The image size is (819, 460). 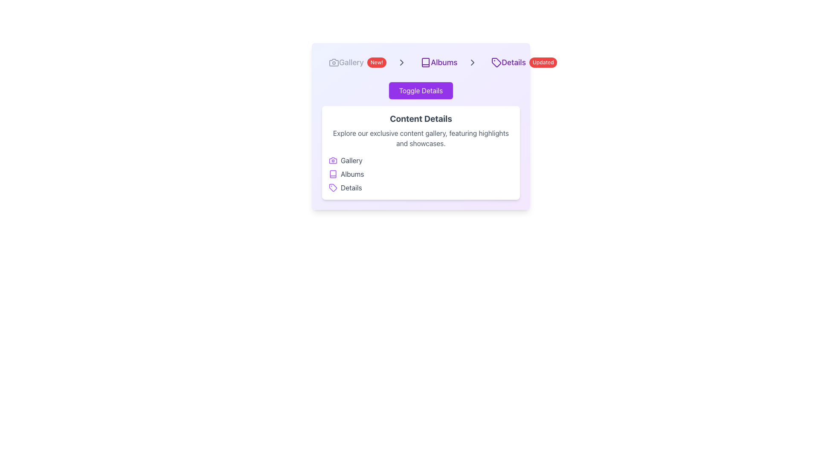 What do you see at coordinates (364, 62) in the screenshot?
I see `the 'Gallery' navigation button that includes a camera icon and a red 'New!' badge` at bounding box center [364, 62].